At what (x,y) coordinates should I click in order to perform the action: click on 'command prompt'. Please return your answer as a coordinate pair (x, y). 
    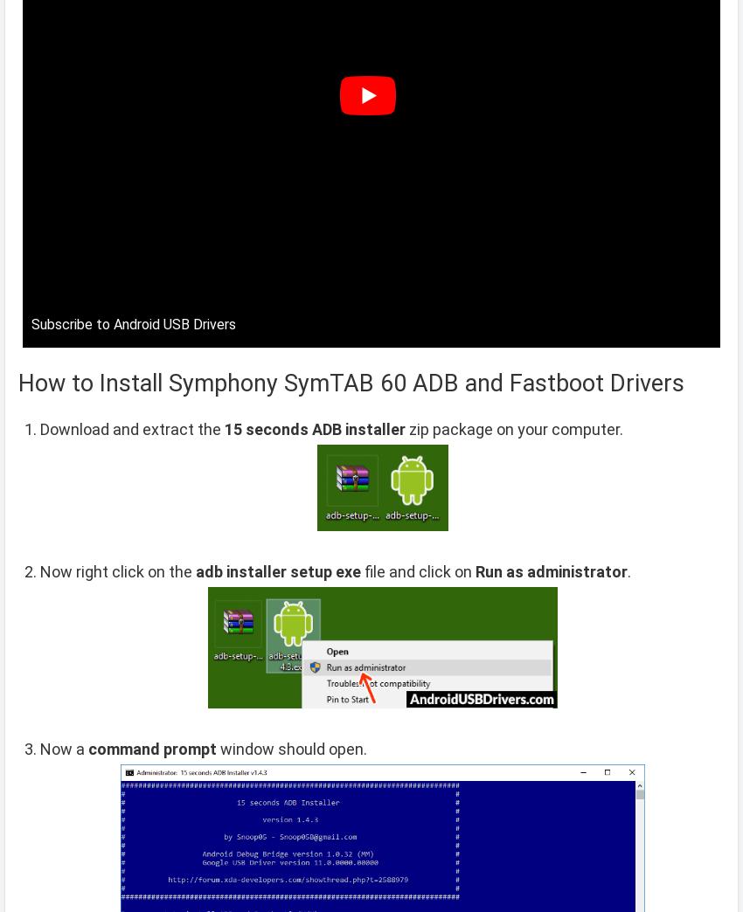
    Looking at the image, I should click on (151, 748).